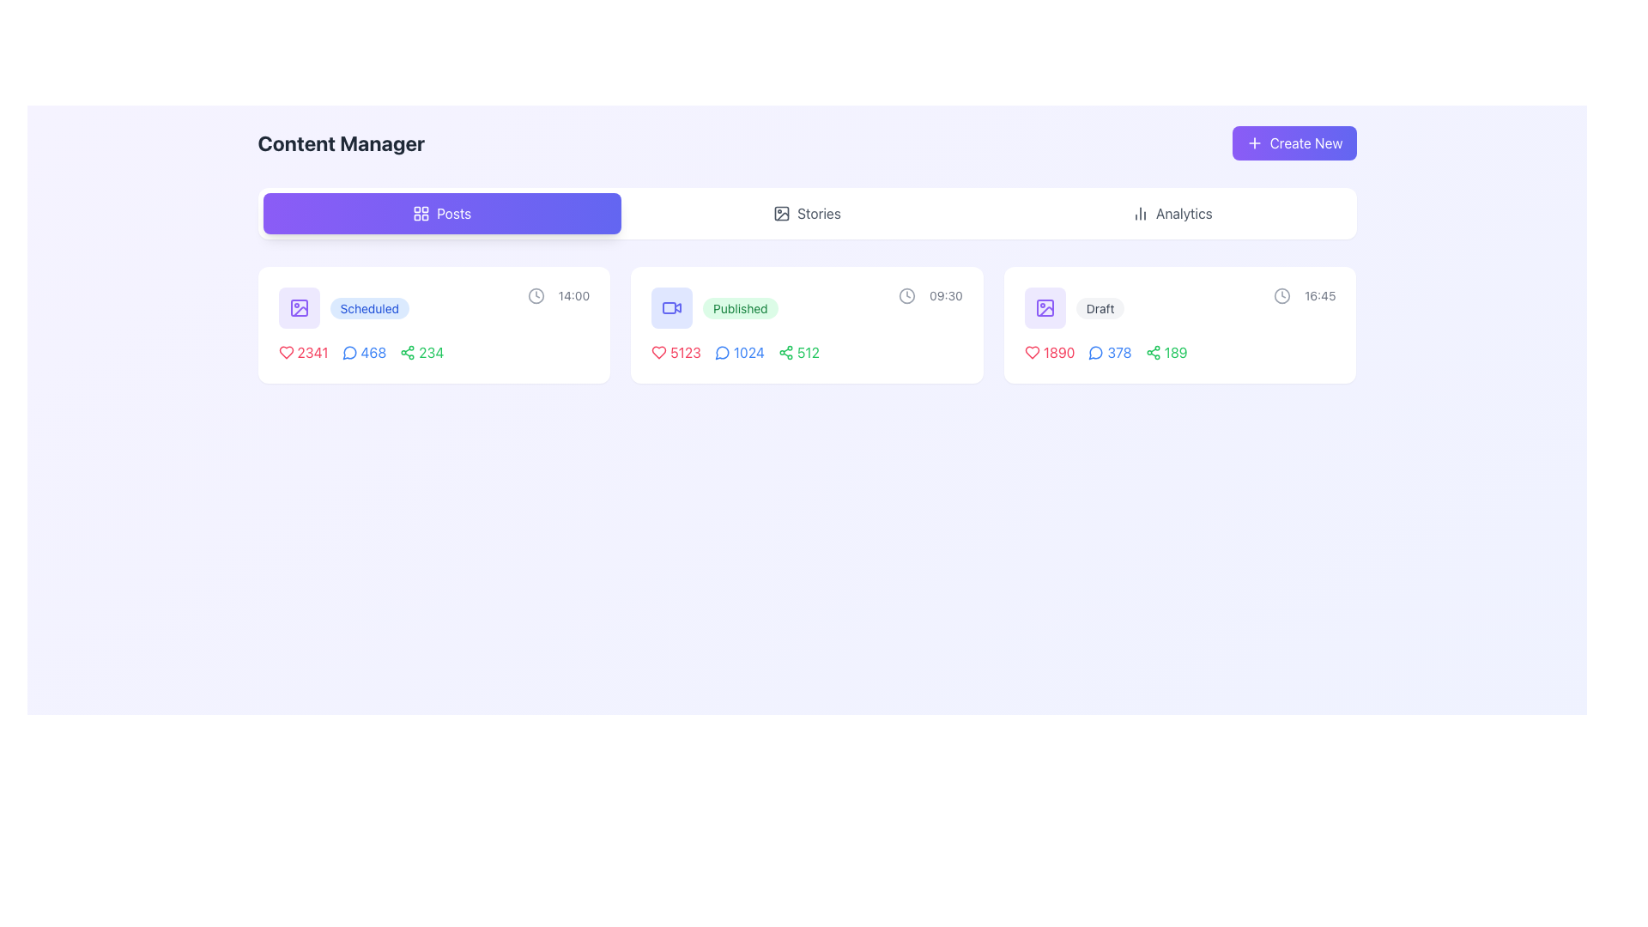 The image size is (1648, 927). What do you see at coordinates (1095, 352) in the screenshot?
I see `the speech bubble icon in the comments section of the 'Draft' card located in the 'Posts' section, which is positioned next to the comment count '378'` at bounding box center [1095, 352].